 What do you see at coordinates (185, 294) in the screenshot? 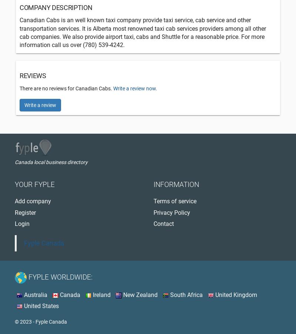
I see `'South Africa'` at bounding box center [185, 294].